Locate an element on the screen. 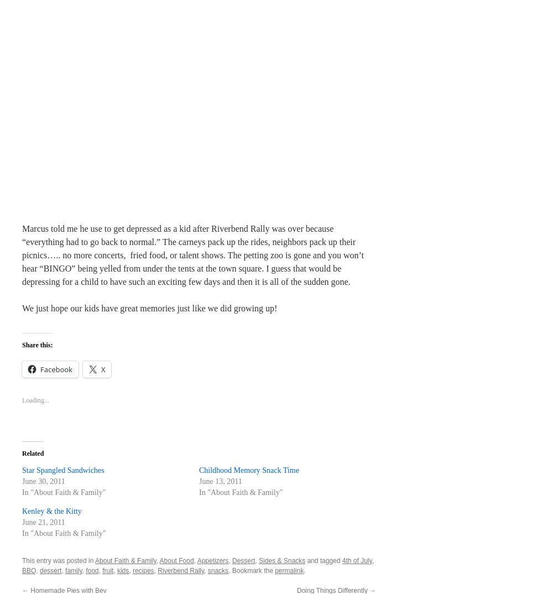 The height and width of the screenshot is (594, 542). 'About Food' is located at coordinates (176, 560).